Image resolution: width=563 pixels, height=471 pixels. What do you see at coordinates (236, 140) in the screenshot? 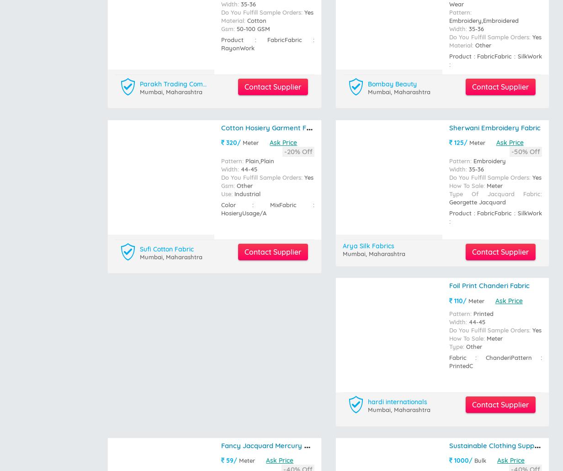
I see `'Cotton Fabric,Blended'` at bounding box center [236, 140].